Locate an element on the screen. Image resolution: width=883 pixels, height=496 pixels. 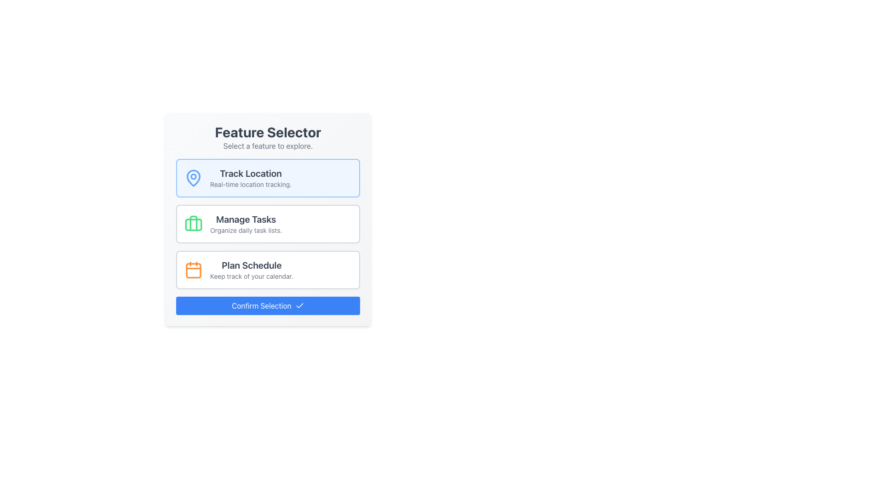
the visual feedback on the white checkmark icon located near the right edge of the 'Confirm Selection' button on a blue background is located at coordinates (299, 306).